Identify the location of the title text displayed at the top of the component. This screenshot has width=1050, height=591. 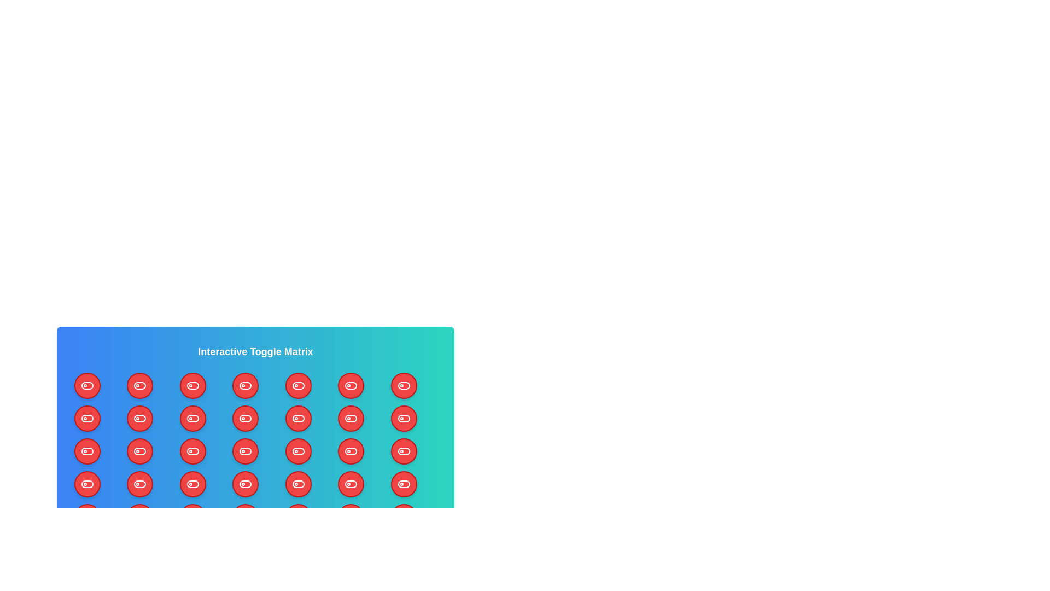
(255, 352).